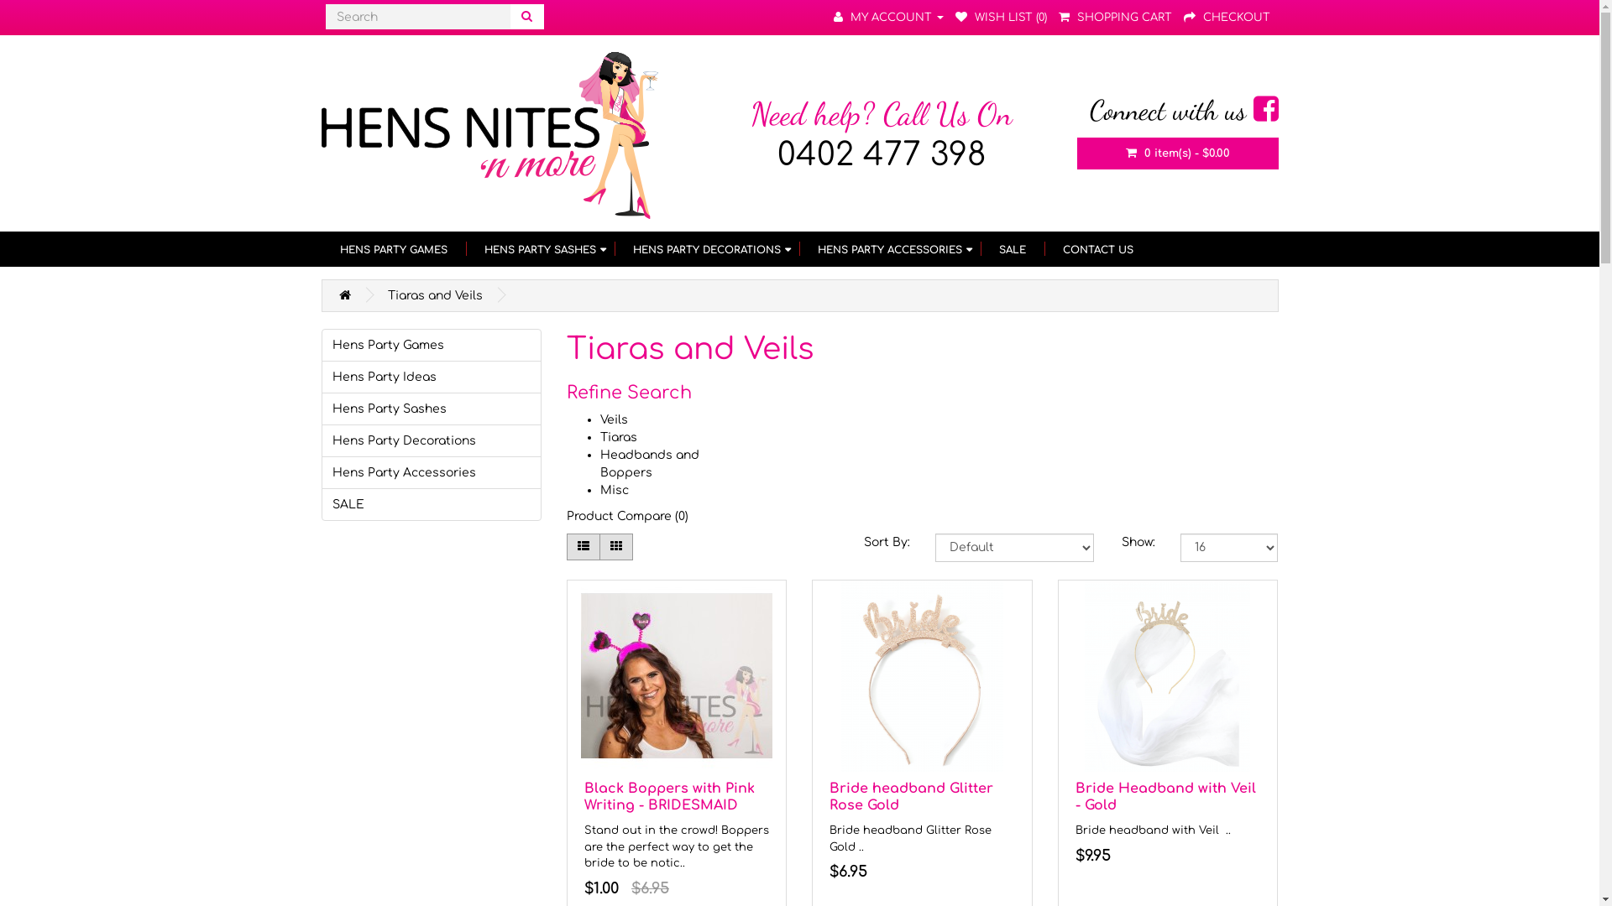 This screenshot has height=906, width=1612. Describe the element at coordinates (1001, 17) in the screenshot. I see `'WISH LIST (0)'` at that location.